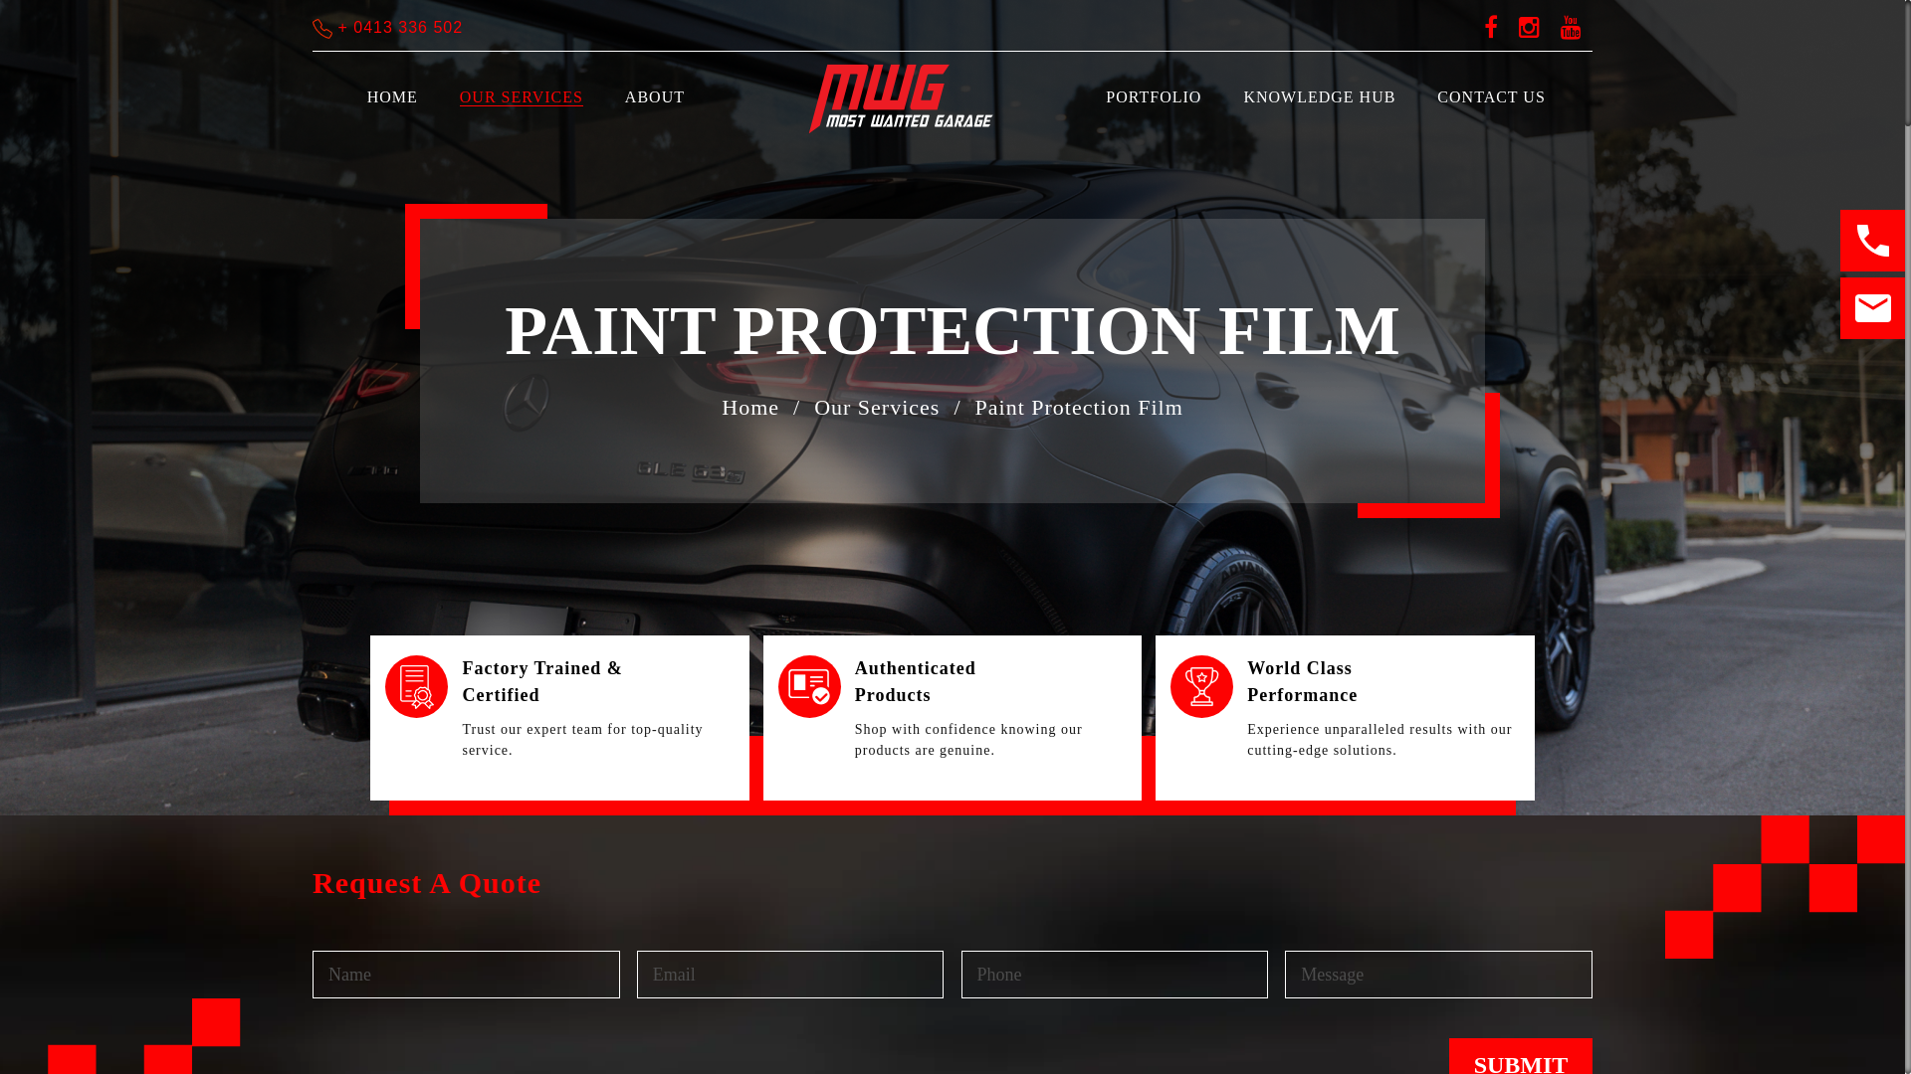  What do you see at coordinates (311, 27) in the screenshot?
I see `'+ 0413 336 502'` at bounding box center [311, 27].